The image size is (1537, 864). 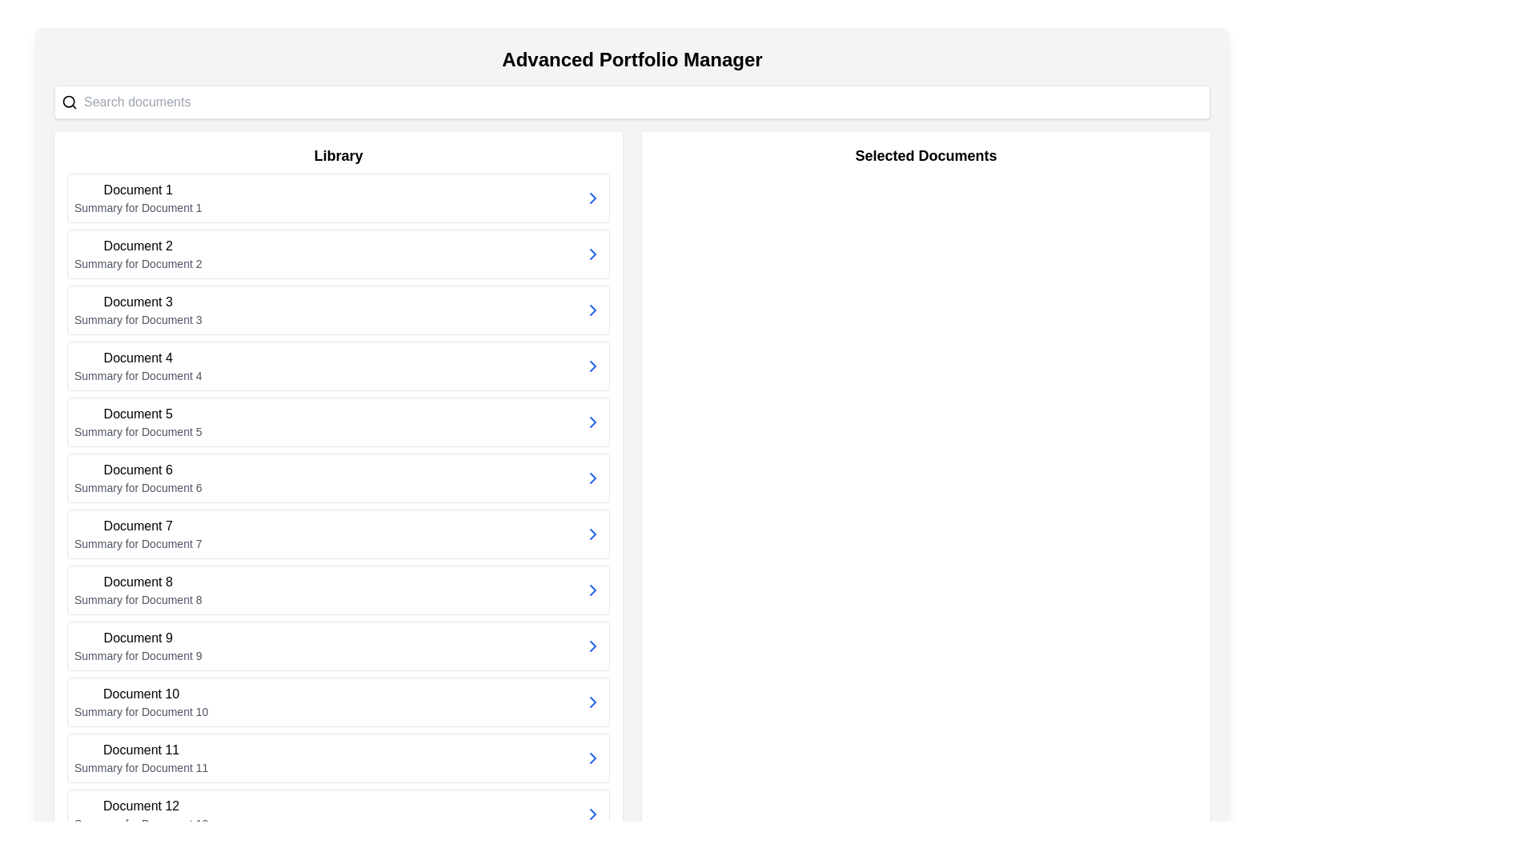 I want to click on the list item titled 'Document 10' which has a description 'Summary for Document 10' under the 'Library' header to show options, so click(x=141, y=702).